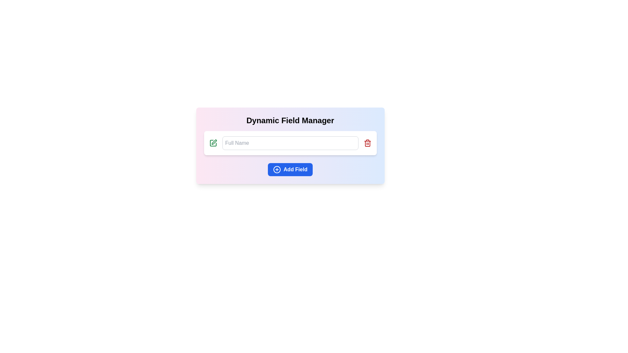  I want to click on the blue button labeled 'Add Field' which contains the icon, so click(277, 169).